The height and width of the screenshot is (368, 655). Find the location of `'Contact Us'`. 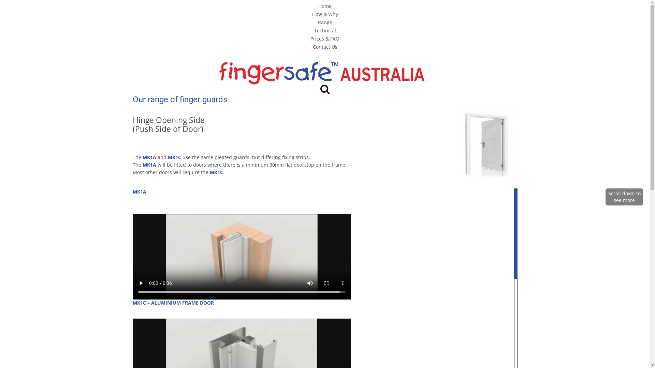

'Contact Us' is located at coordinates (324, 46).